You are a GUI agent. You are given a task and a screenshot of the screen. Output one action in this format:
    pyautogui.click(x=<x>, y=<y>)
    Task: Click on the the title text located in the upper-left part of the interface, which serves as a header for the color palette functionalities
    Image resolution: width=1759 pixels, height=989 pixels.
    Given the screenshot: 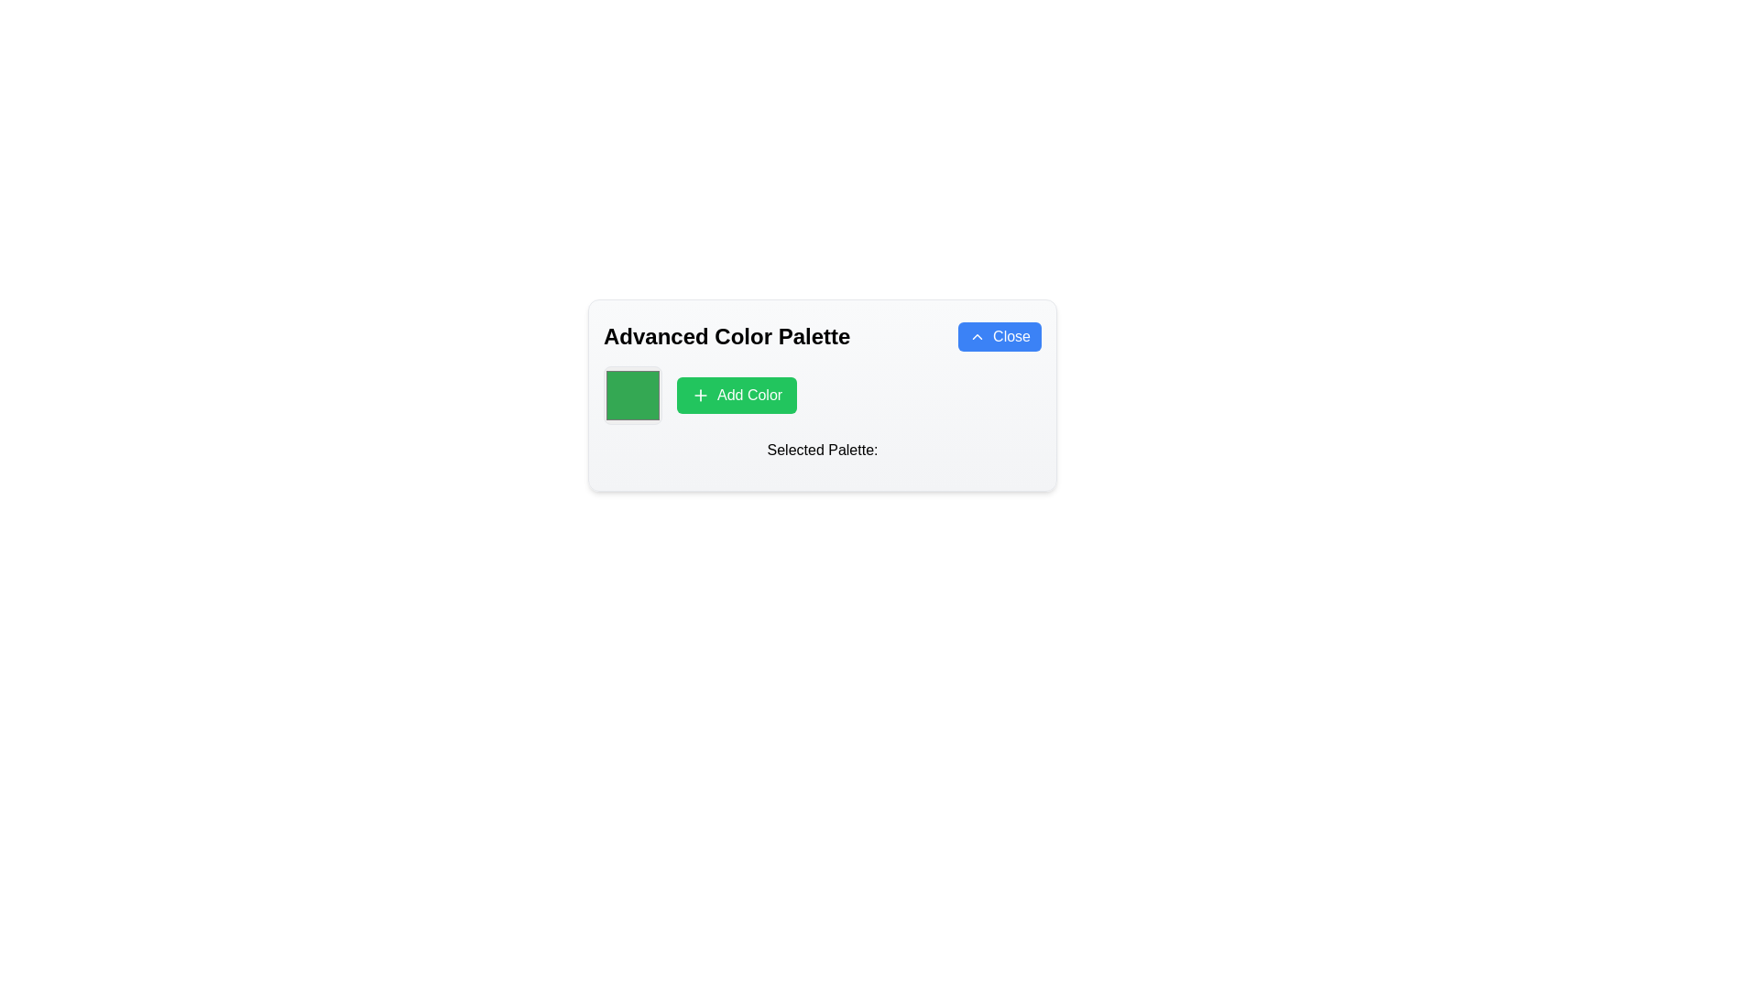 What is the action you would take?
    pyautogui.click(x=726, y=336)
    